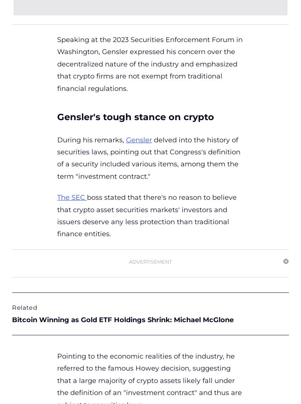 Image resolution: width=301 pixels, height=404 pixels. I want to click on 'Advertisement', so click(129, 261).